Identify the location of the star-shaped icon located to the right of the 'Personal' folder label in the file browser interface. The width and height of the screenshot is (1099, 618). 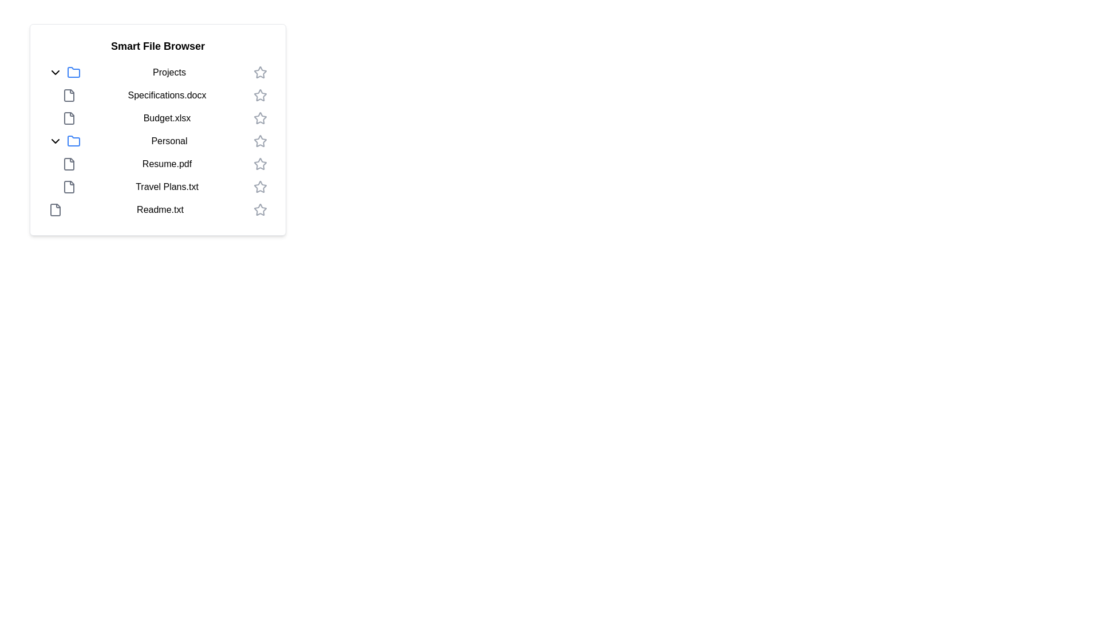
(260, 140).